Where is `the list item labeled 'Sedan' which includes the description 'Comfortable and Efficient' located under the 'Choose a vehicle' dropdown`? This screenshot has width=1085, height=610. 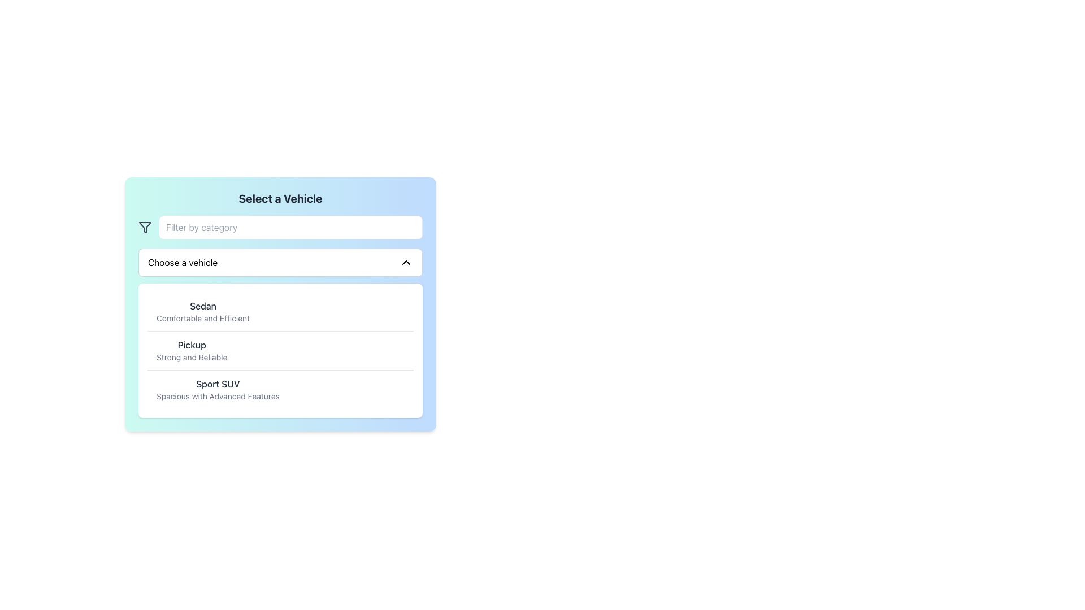 the list item labeled 'Sedan' which includes the description 'Comfortable and Efficient' located under the 'Choose a vehicle' dropdown is located at coordinates (280, 312).